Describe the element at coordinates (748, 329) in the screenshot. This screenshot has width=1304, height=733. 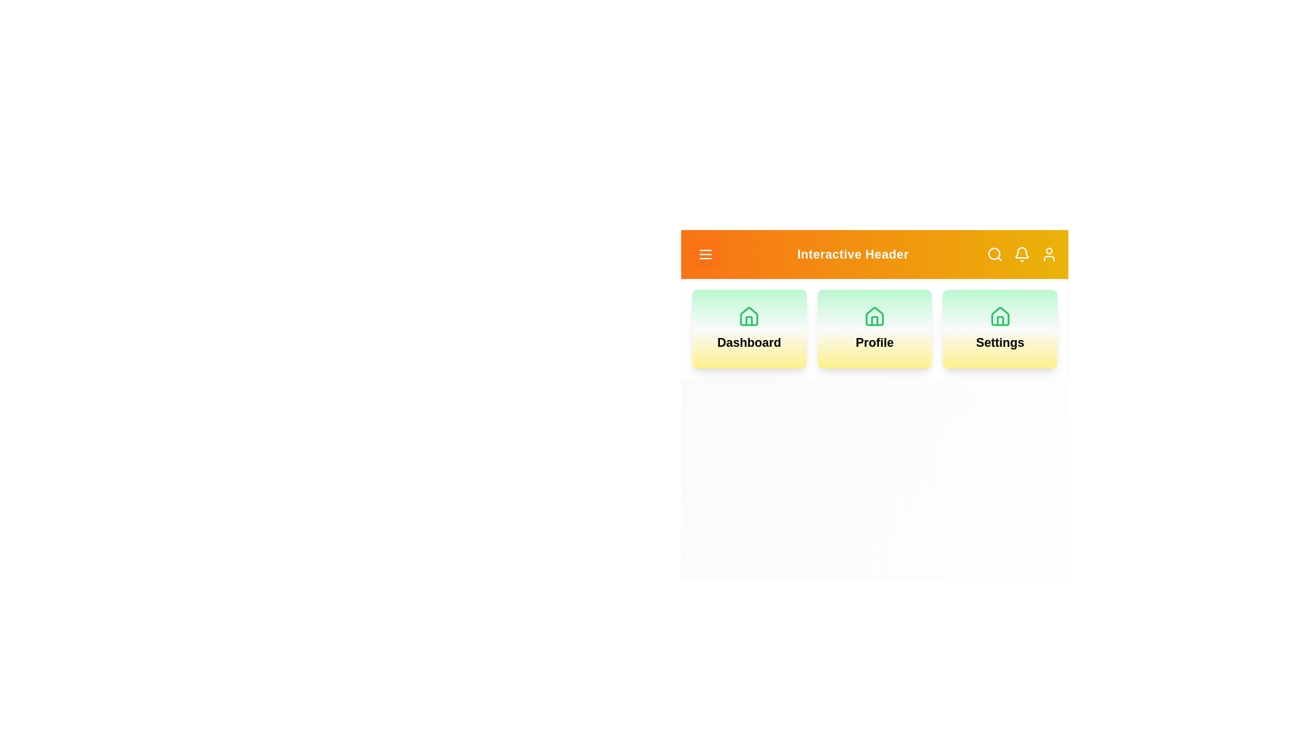
I see `the Dashboard card to navigate to the Dashboard` at that location.